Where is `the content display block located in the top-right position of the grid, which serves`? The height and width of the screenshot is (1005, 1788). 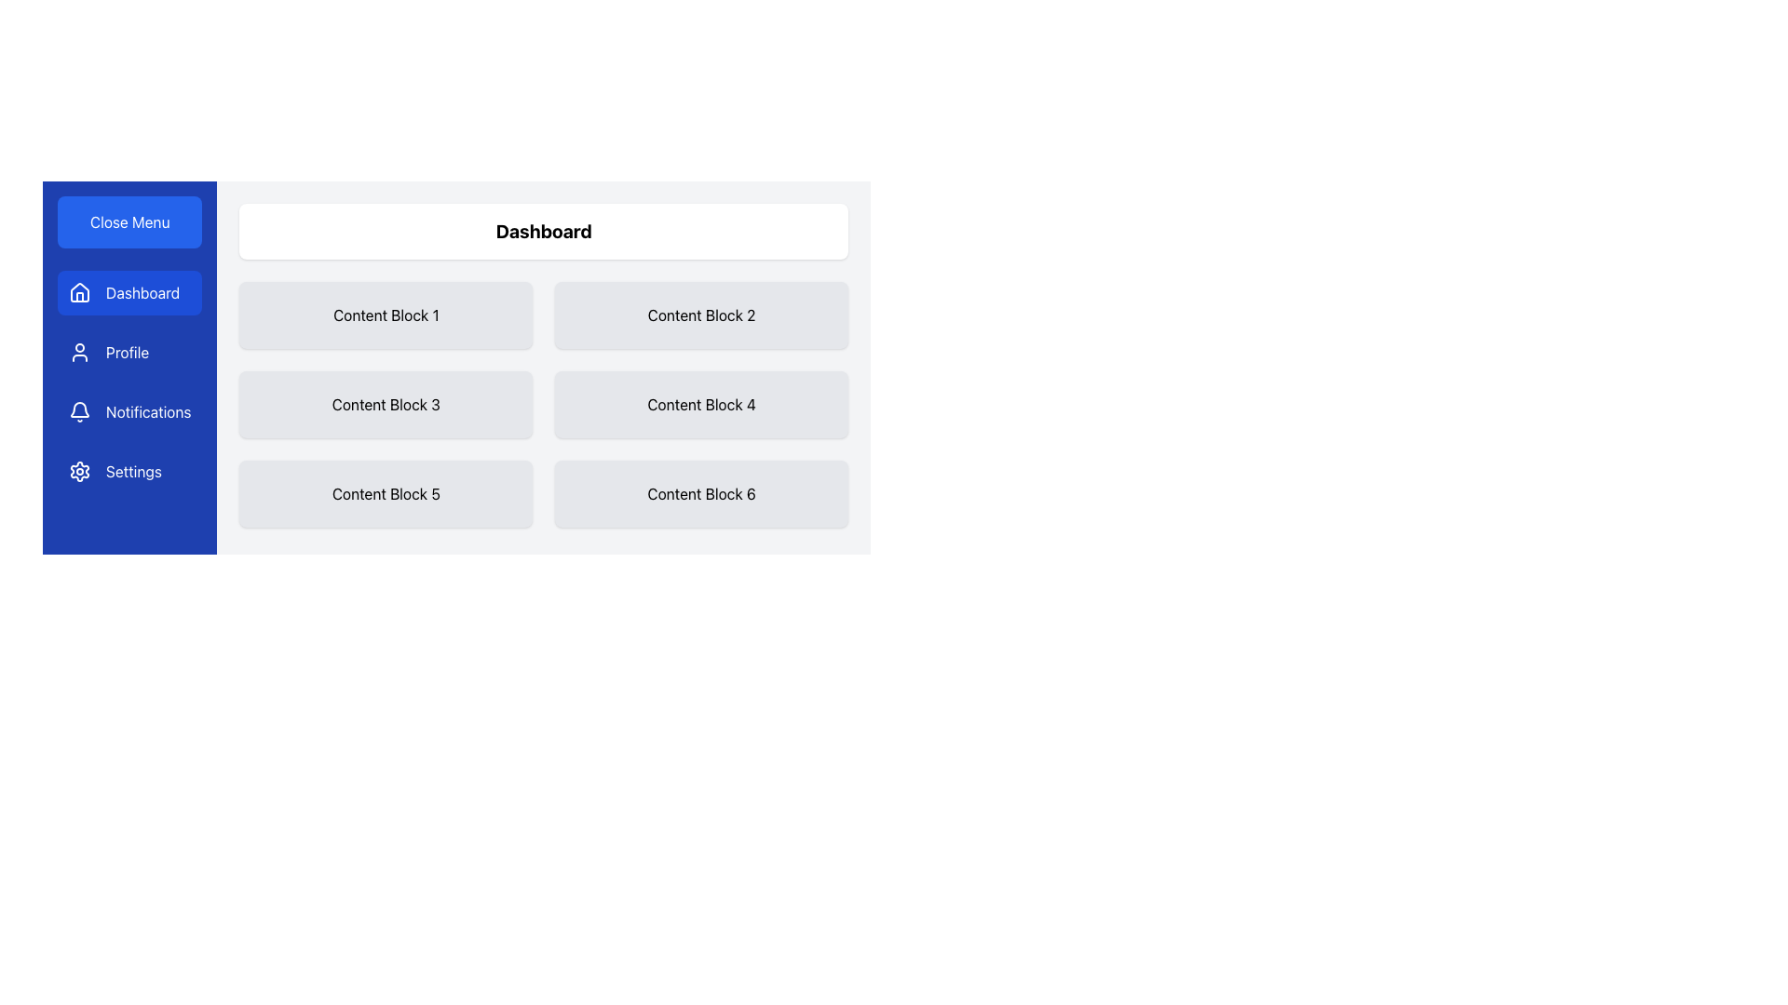
the content display block located in the top-right position of the grid, which serves is located at coordinates (700, 315).